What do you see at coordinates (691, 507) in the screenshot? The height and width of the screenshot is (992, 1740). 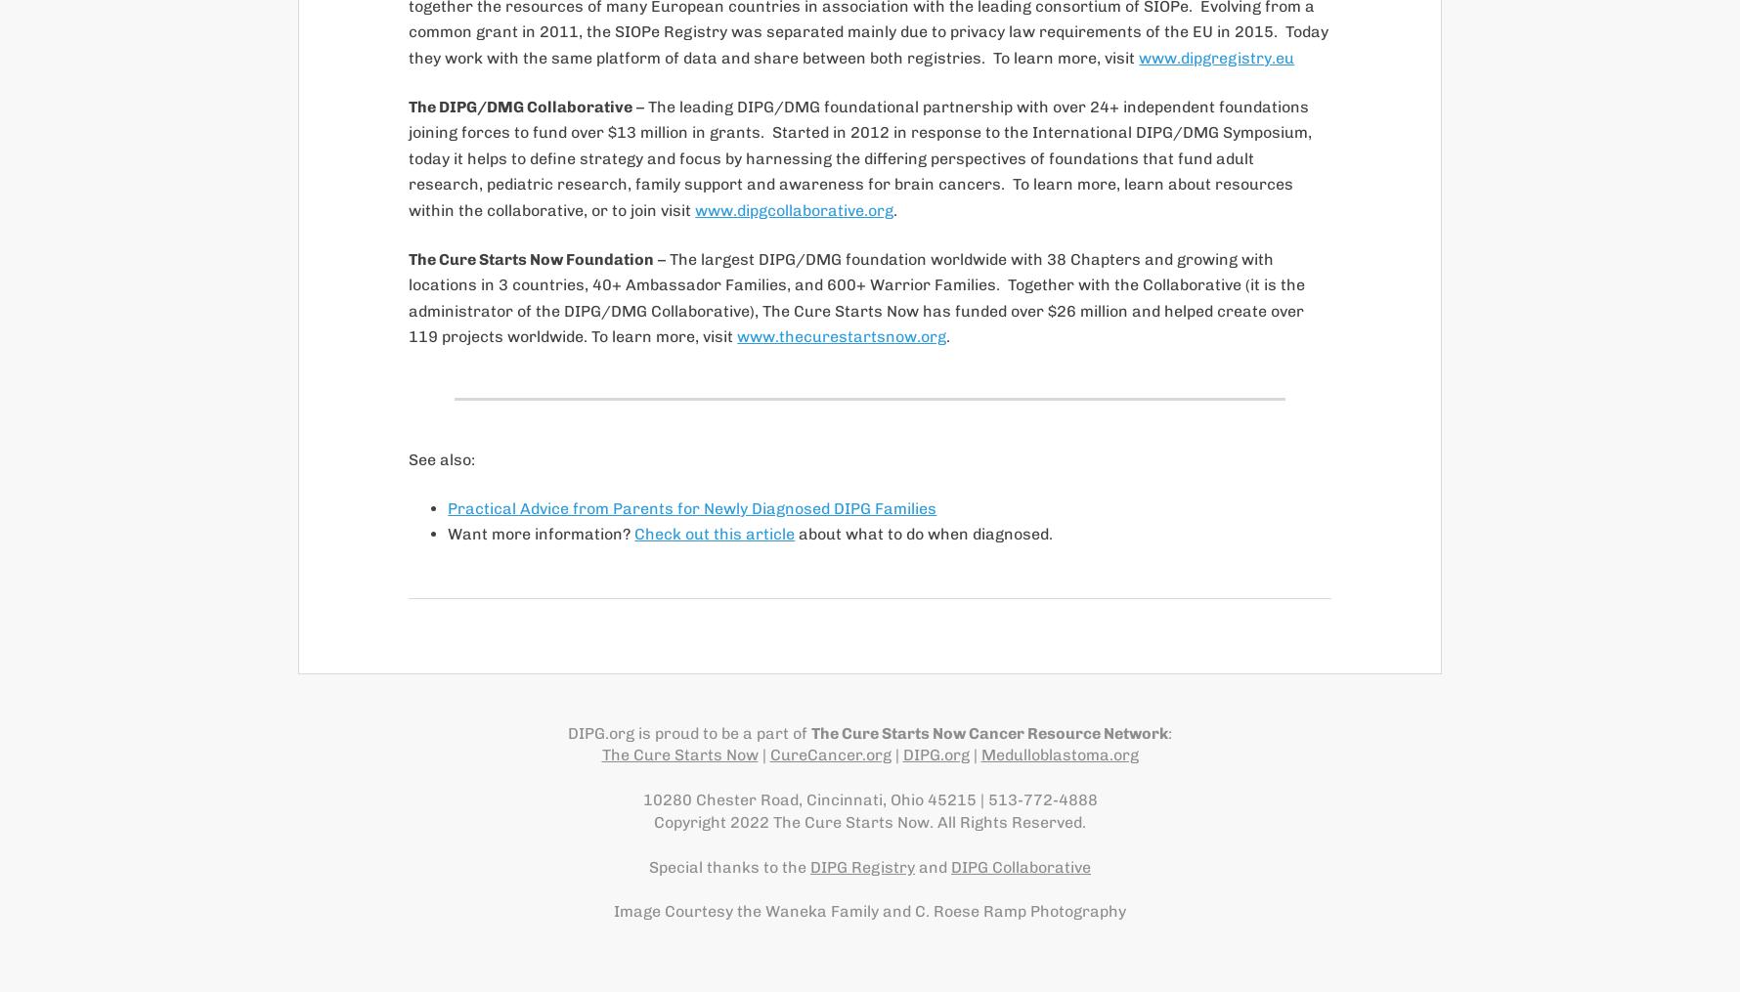 I see `'Practical Advice from Parents for Newly Diagnosed DIPG Families'` at bounding box center [691, 507].